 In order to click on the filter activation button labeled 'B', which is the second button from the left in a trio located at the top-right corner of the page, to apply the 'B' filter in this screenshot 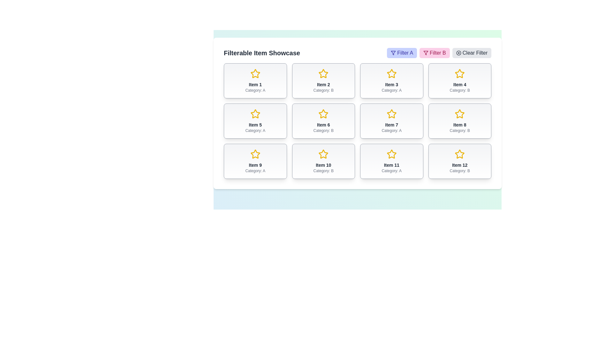, I will do `click(439, 52)`.